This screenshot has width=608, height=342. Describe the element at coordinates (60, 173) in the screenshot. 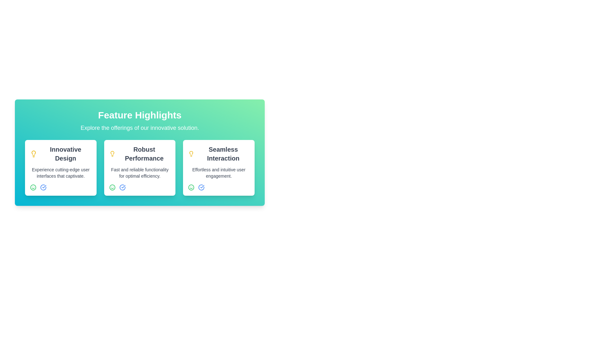

I see `the text display that reads 'Experience cutting-edge user interfaces that captivate.' which is styled in a small gray font and is positioned below the header 'Innovative Design' in the card layout` at that location.